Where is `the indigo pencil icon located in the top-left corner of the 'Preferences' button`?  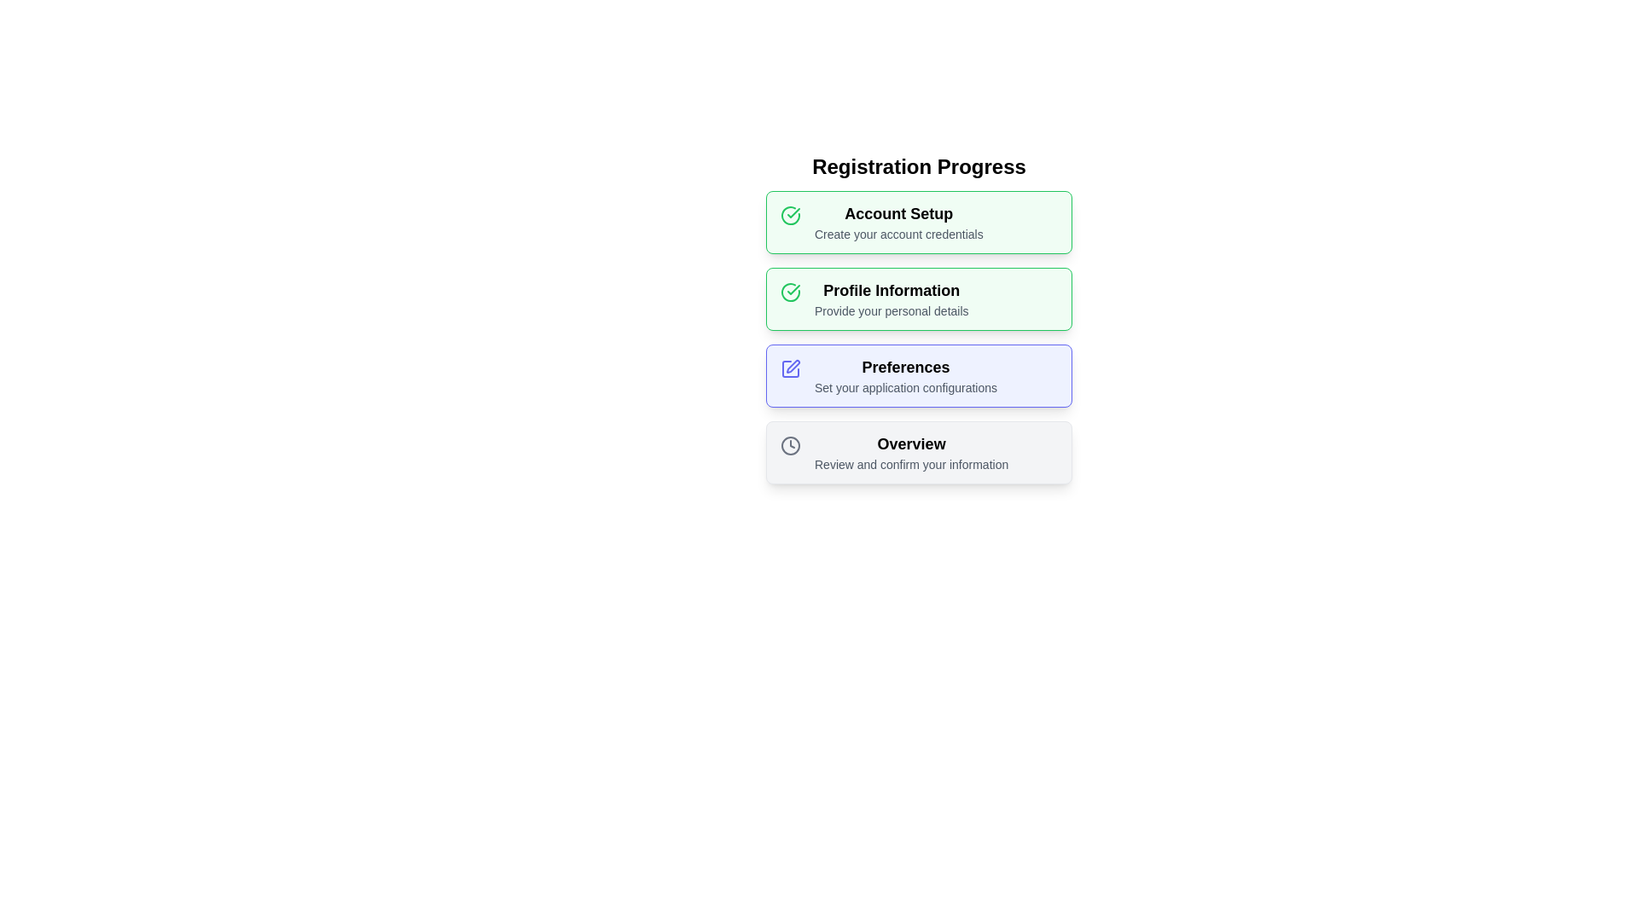 the indigo pencil icon located in the top-left corner of the 'Preferences' button is located at coordinates (789, 367).